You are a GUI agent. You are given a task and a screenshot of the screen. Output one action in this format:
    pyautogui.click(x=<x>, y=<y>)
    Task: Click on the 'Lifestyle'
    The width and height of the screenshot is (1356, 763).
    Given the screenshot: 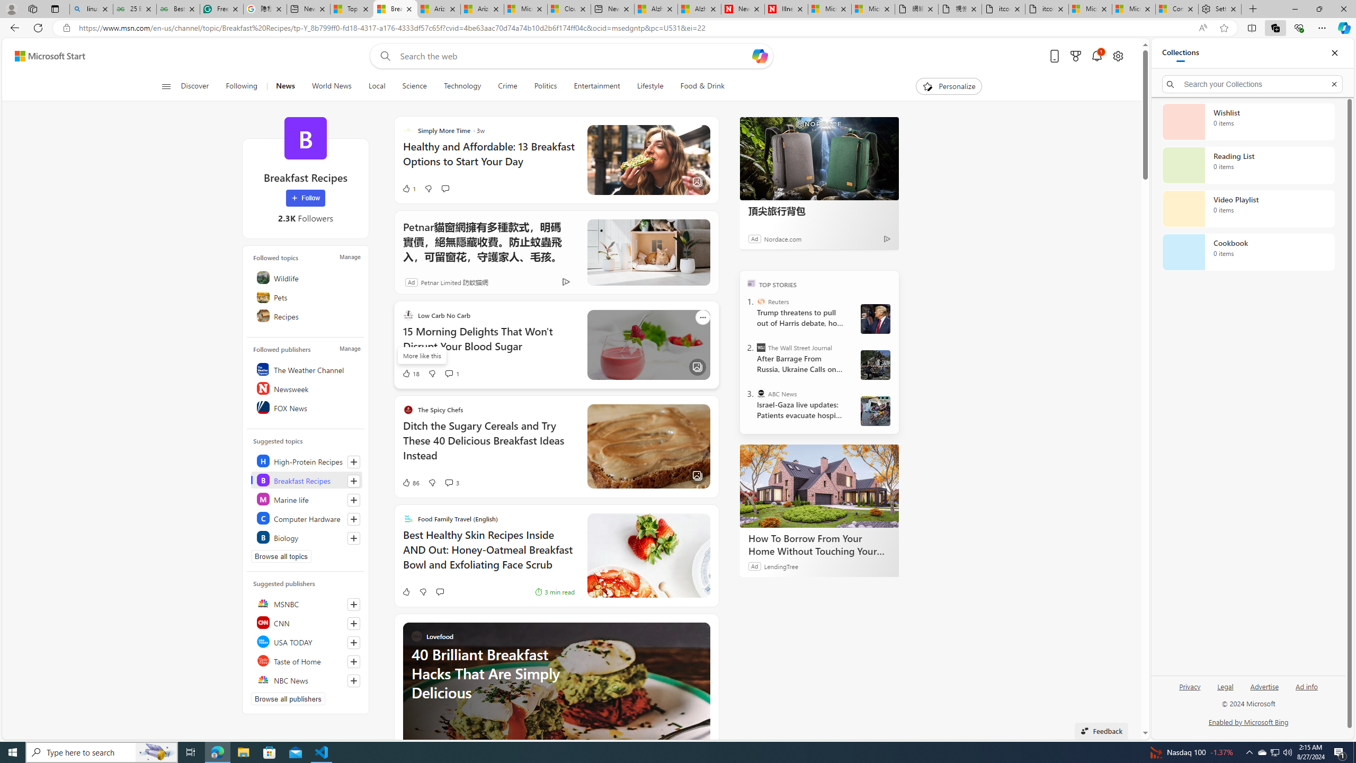 What is the action you would take?
    pyautogui.click(x=650, y=86)
    